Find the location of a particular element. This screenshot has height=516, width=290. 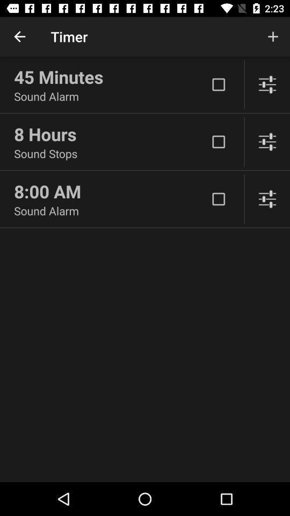

adjust sounds is located at coordinates (266, 141).